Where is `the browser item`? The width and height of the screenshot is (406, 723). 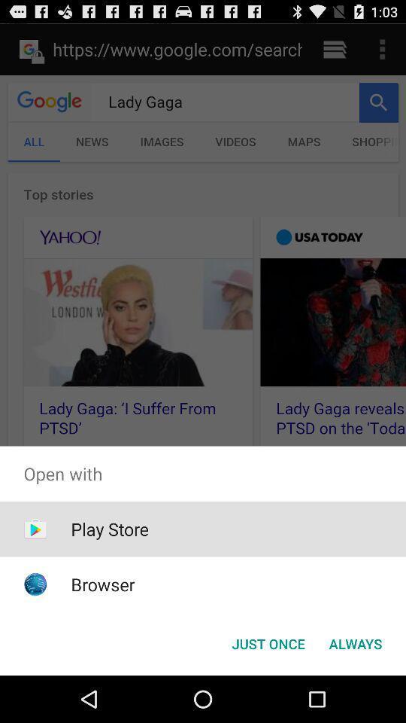
the browser item is located at coordinates (102, 584).